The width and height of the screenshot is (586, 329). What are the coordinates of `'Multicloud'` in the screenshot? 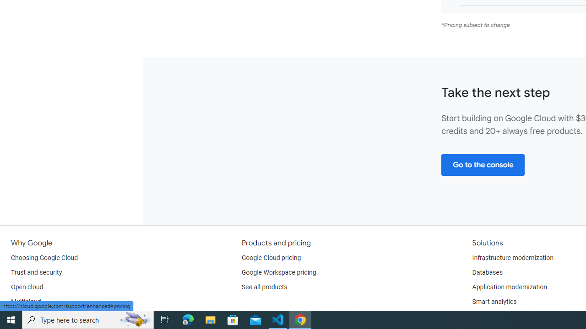 It's located at (26, 302).